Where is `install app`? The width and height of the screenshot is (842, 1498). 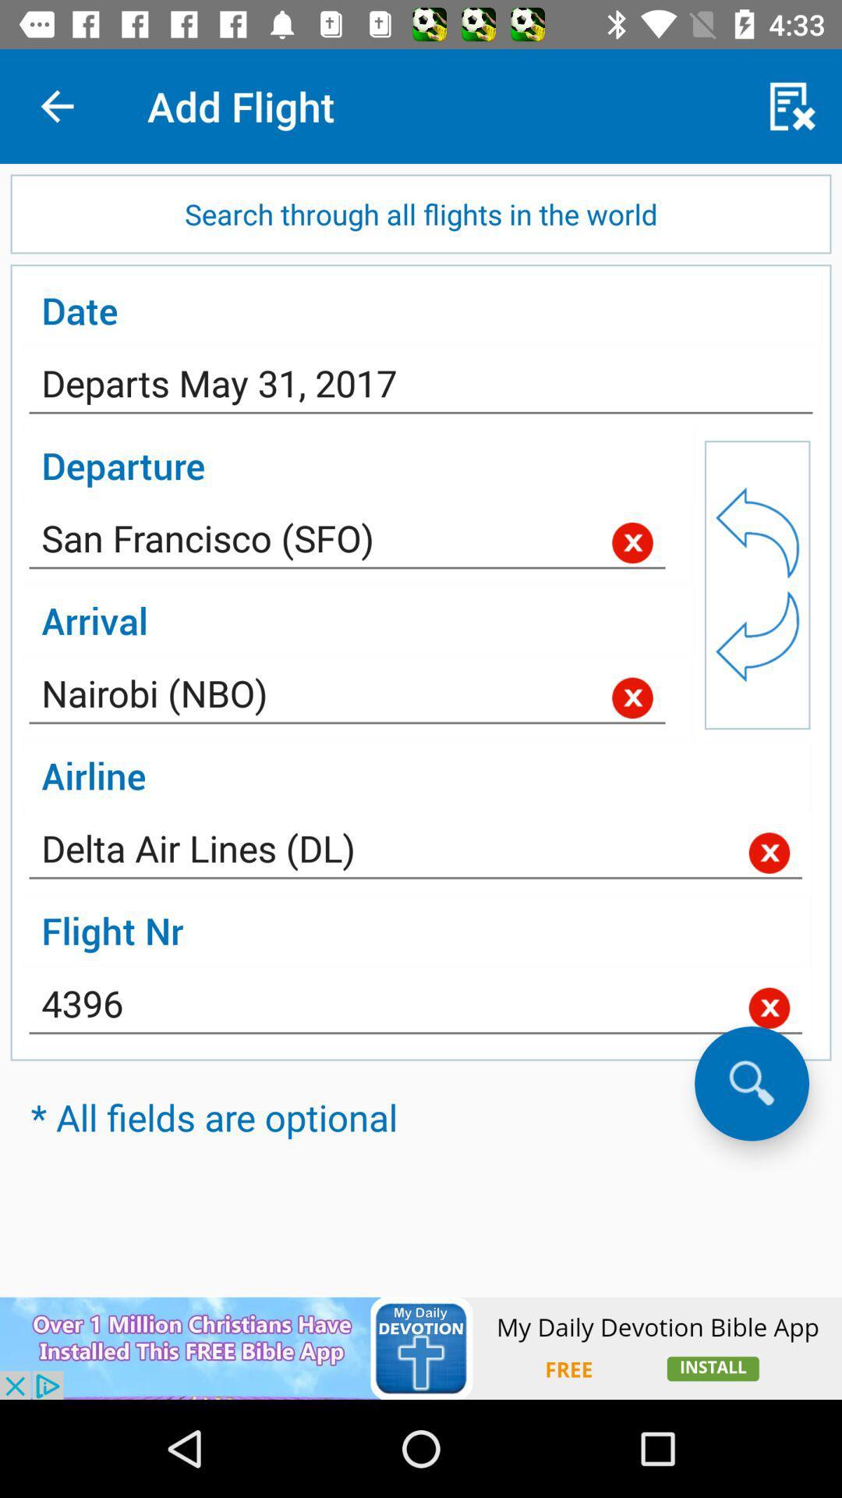
install app is located at coordinates (421, 1347).